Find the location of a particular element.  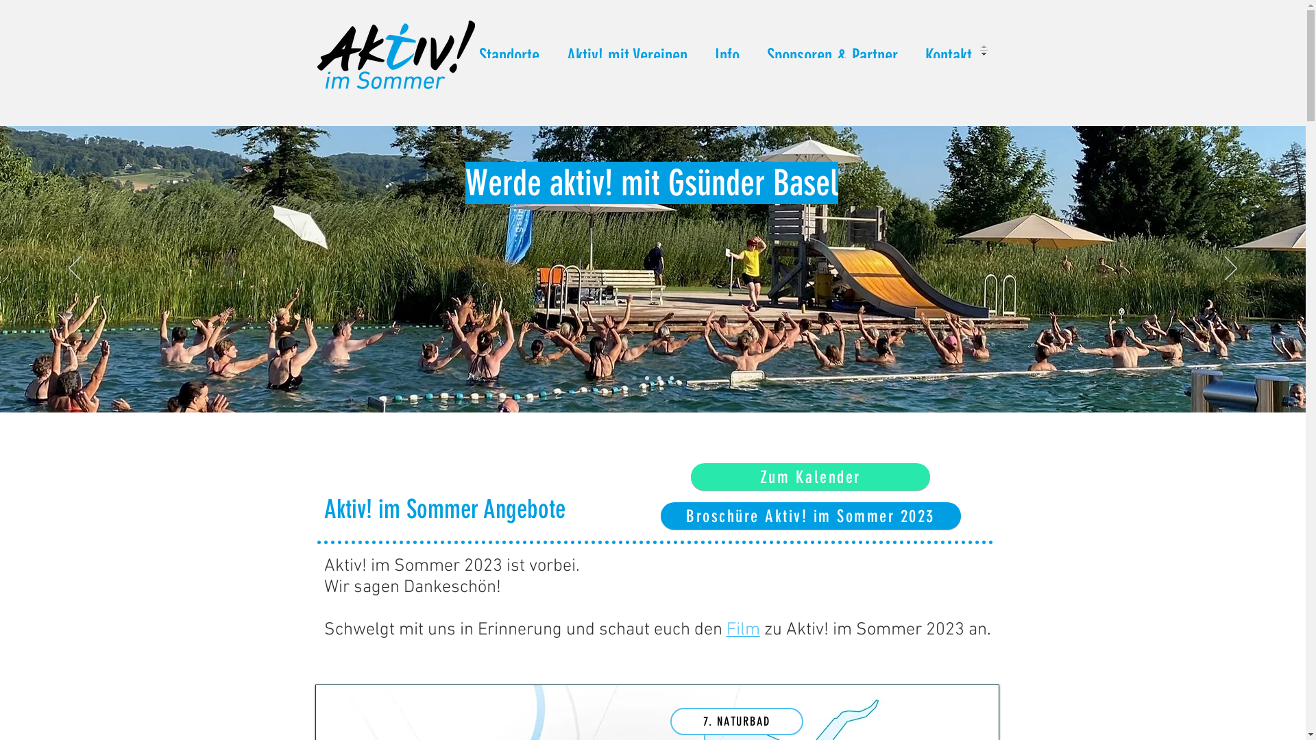

'Standorte' is located at coordinates (464, 49).